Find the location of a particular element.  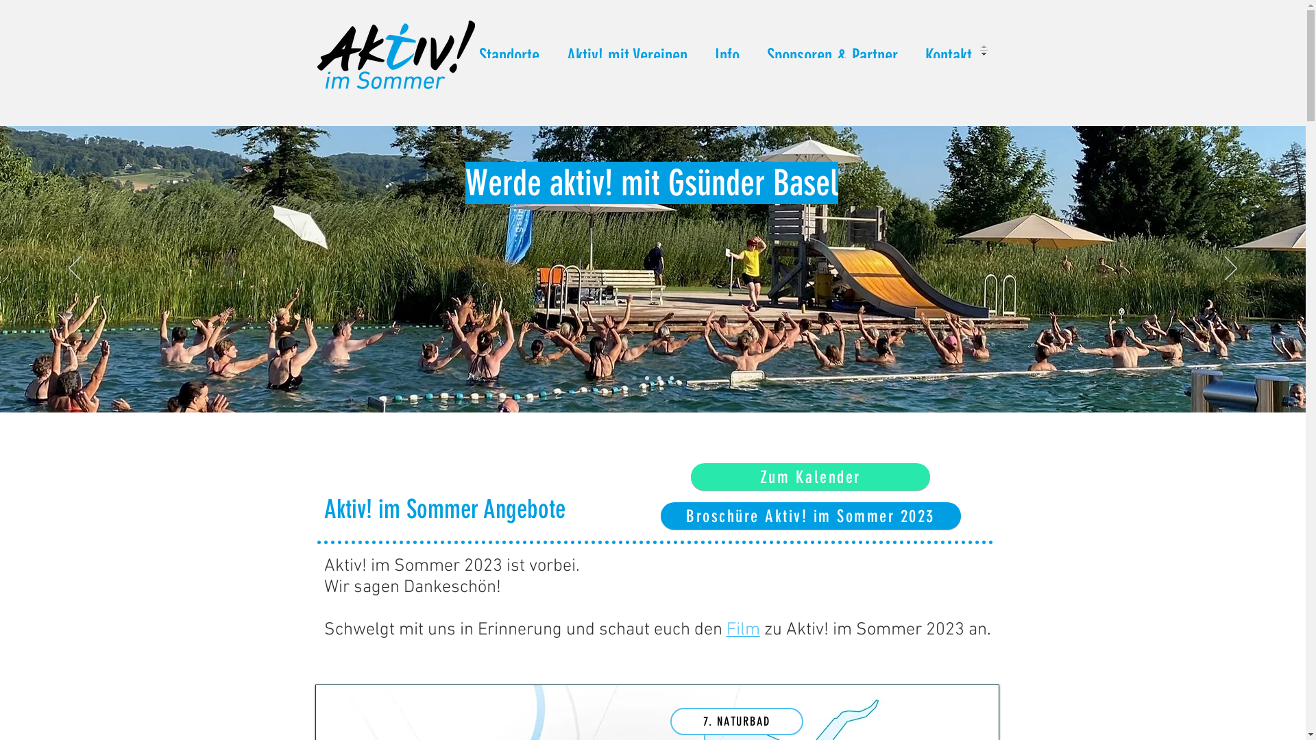

'Standorte' is located at coordinates (464, 49).